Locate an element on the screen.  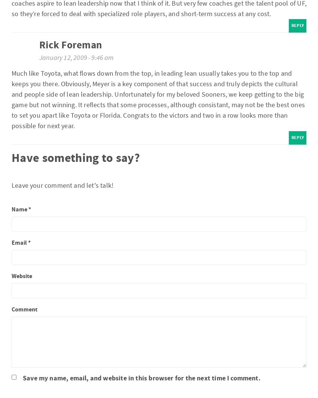
'Email' is located at coordinates (20, 242).